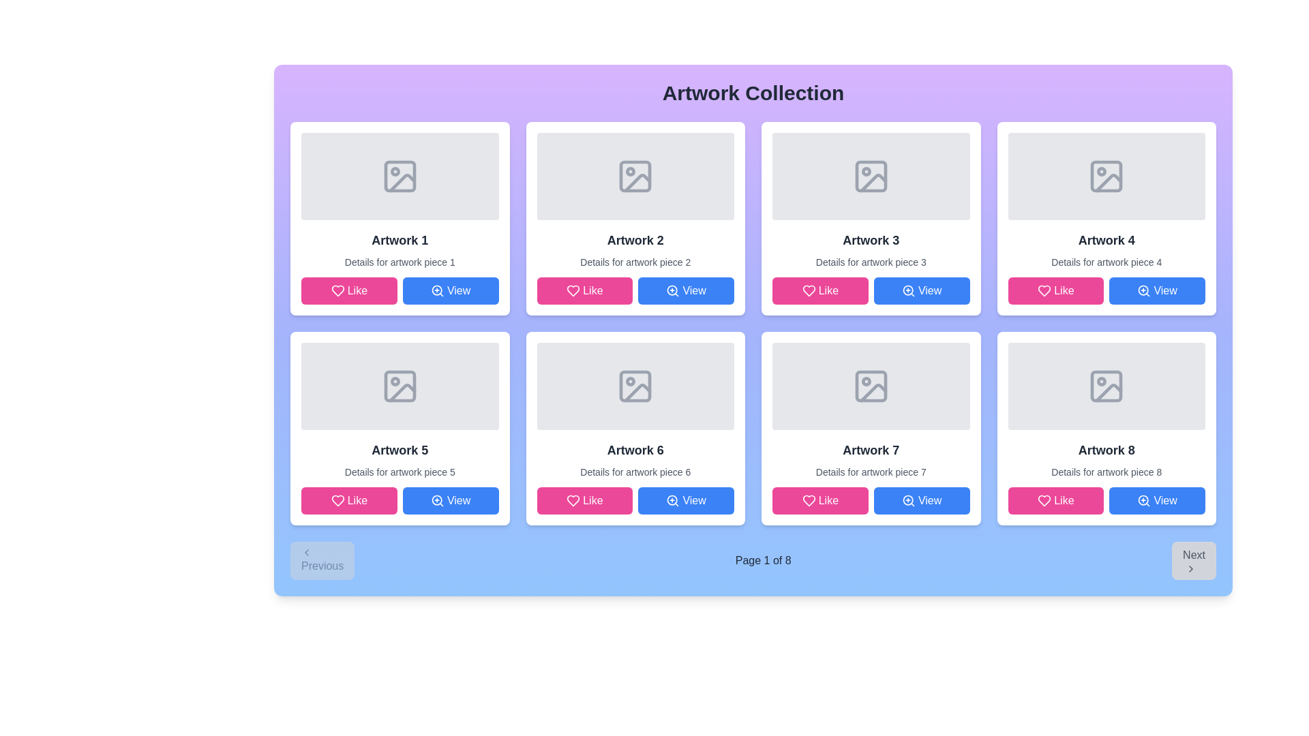 The height and width of the screenshot is (736, 1309). Describe the element at coordinates (635, 262) in the screenshot. I see `the text label or caption located beneath the main title of the card labeled 'Artwork 2', which is horizontally centered within the card layout` at that location.